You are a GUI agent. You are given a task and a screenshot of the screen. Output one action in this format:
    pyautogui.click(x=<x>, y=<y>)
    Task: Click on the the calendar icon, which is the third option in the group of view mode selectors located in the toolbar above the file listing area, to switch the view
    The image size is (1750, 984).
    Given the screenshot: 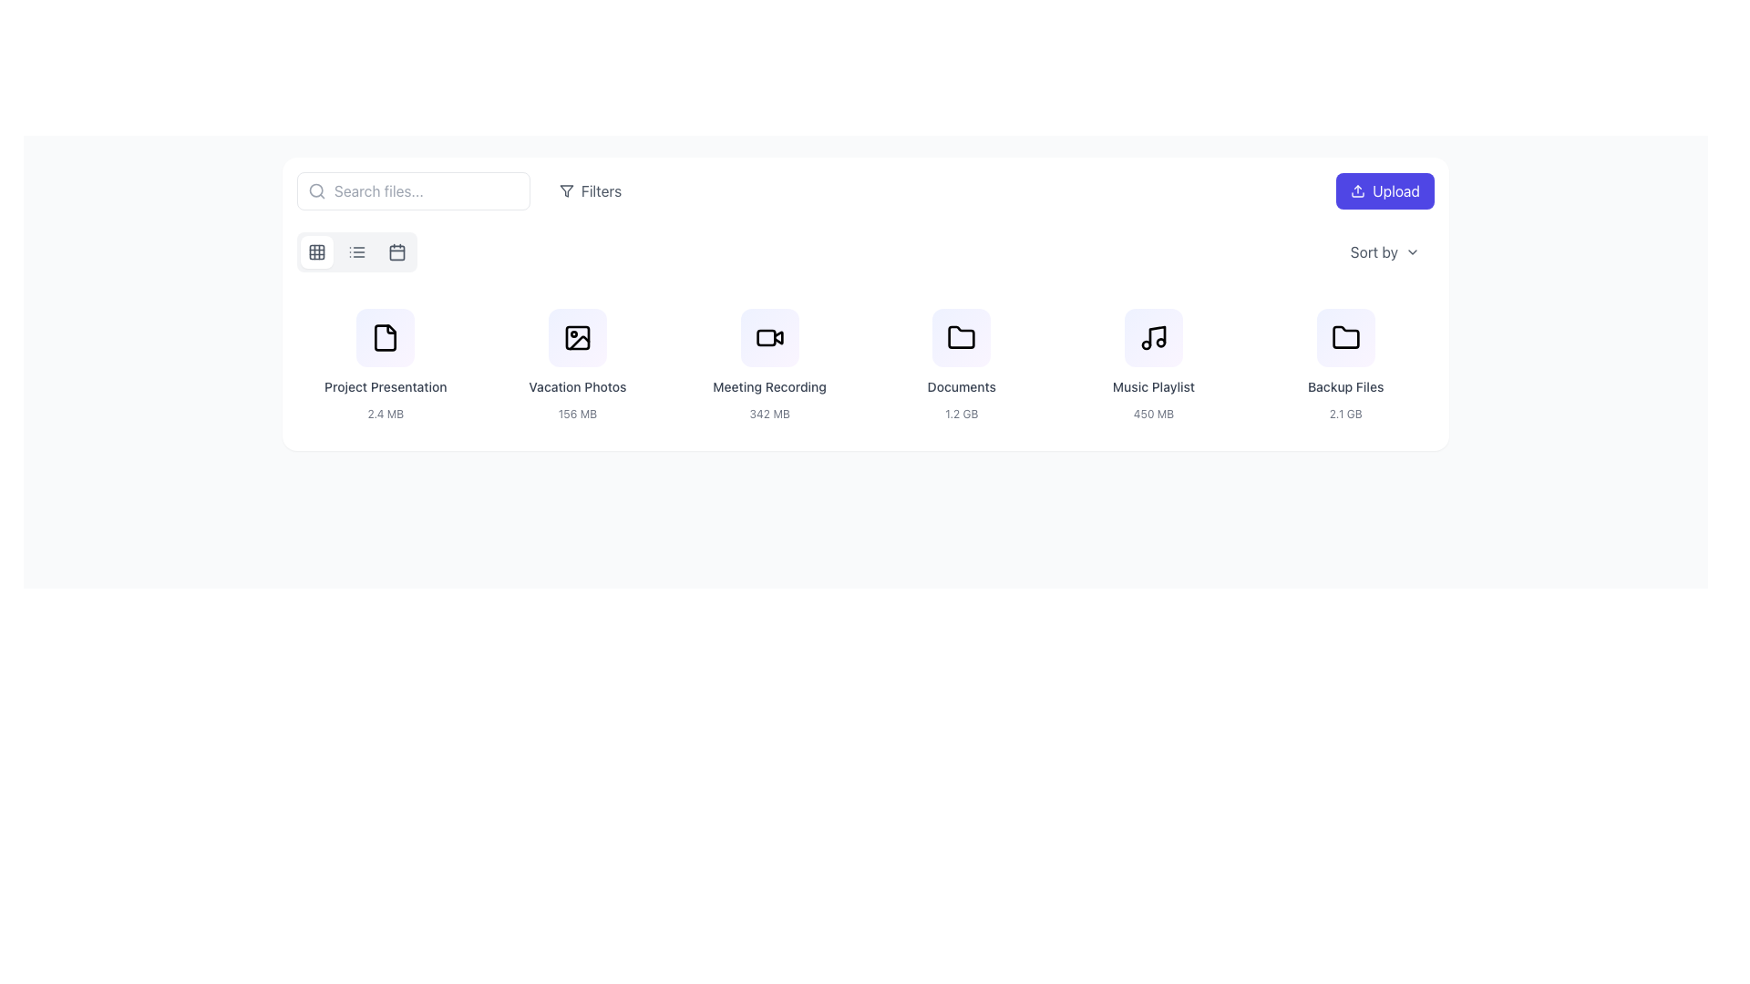 What is the action you would take?
    pyautogui.click(x=396, y=252)
    